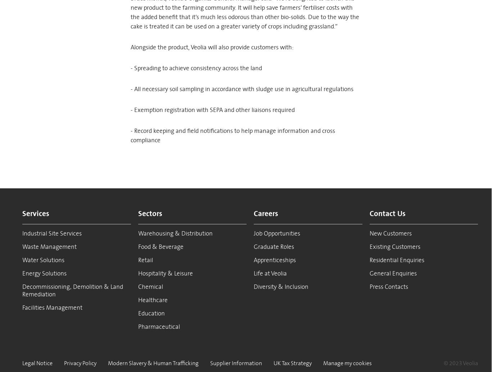 The height and width of the screenshot is (372, 492). What do you see at coordinates (388, 287) in the screenshot?
I see `'Press Contacts'` at bounding box center [388, 287].